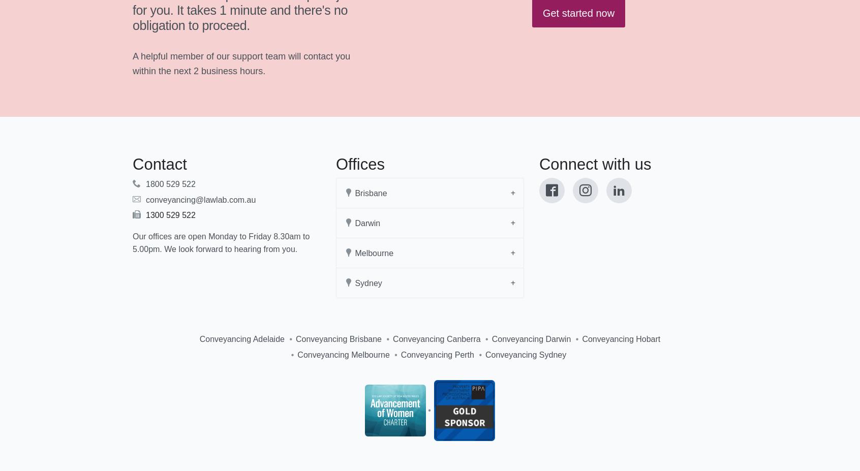 This screenshot has width=860, height=471. Describe the element at coordinates (352, 253) in the screenshot. I see `'Melbourne'` at that location.